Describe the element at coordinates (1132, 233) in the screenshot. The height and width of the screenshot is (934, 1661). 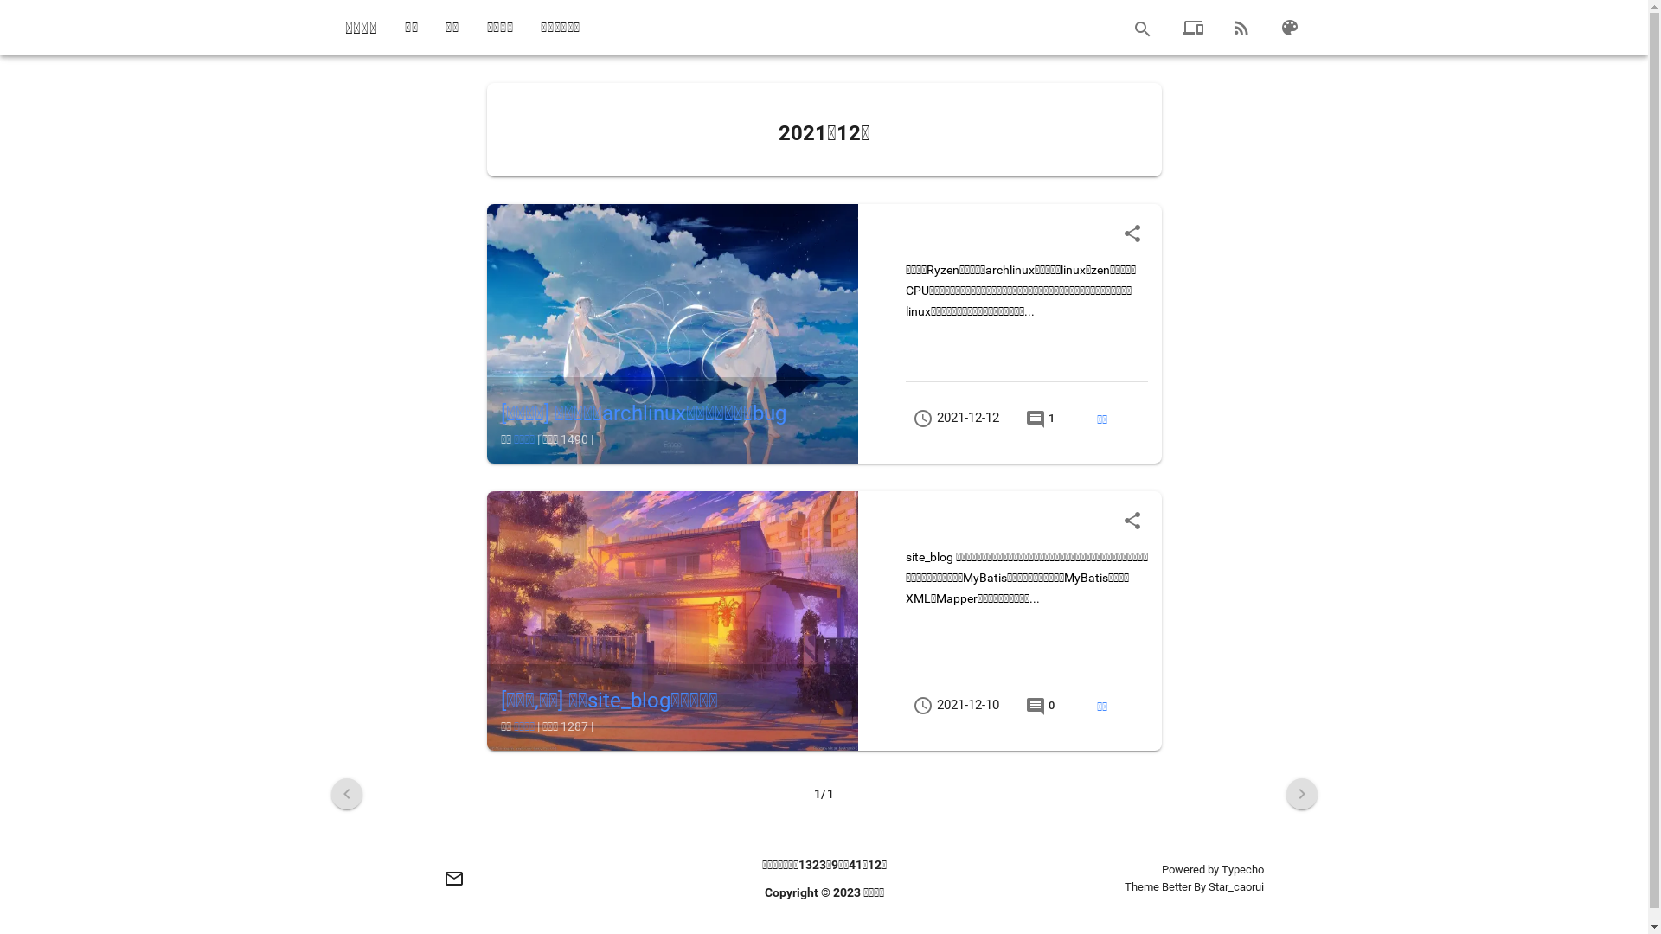
I see `'share'` at that location.